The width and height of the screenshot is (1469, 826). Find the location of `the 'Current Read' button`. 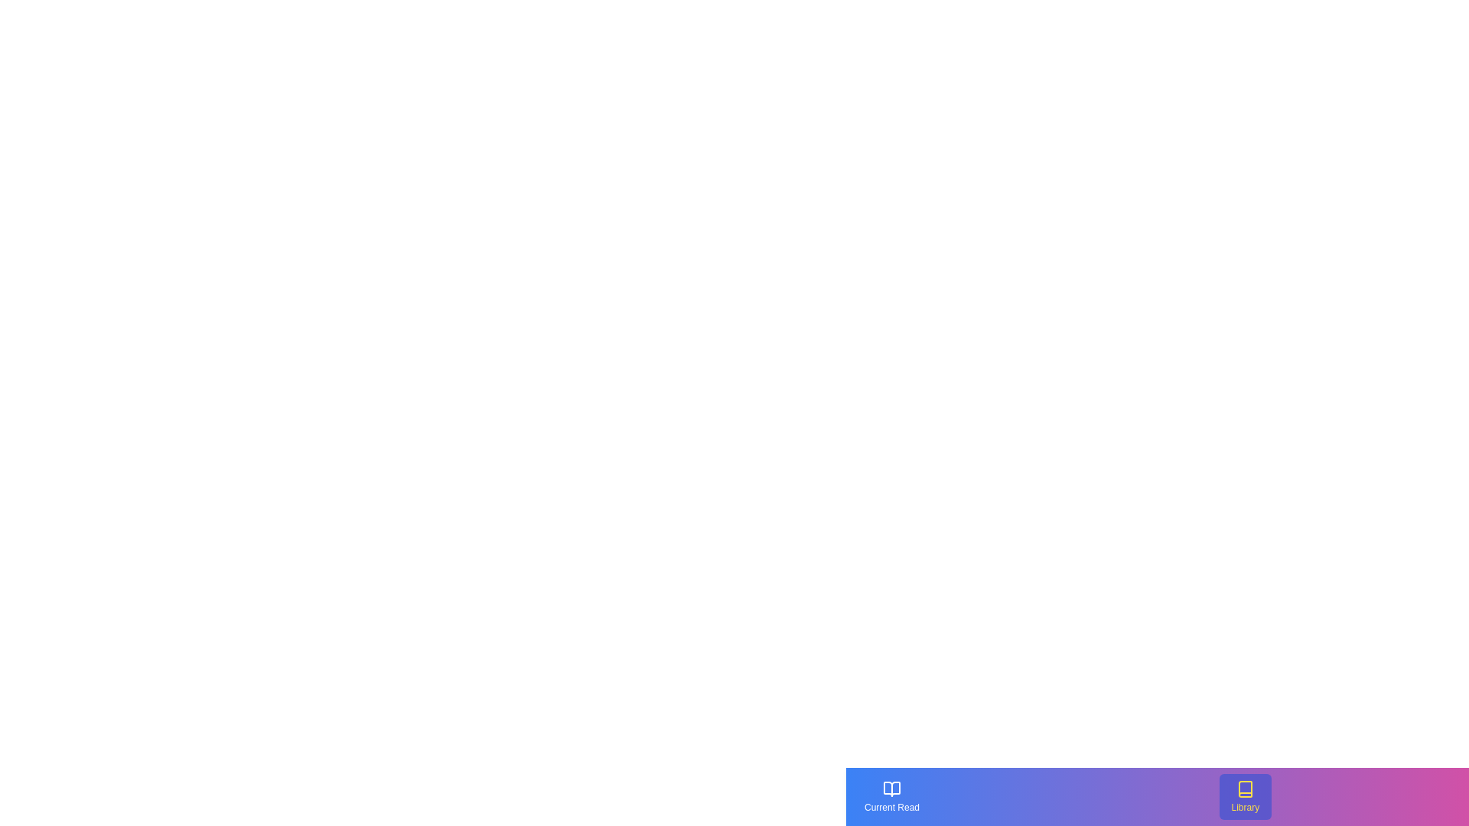

the 'Current Read' button is located at coordinates (892, 795).